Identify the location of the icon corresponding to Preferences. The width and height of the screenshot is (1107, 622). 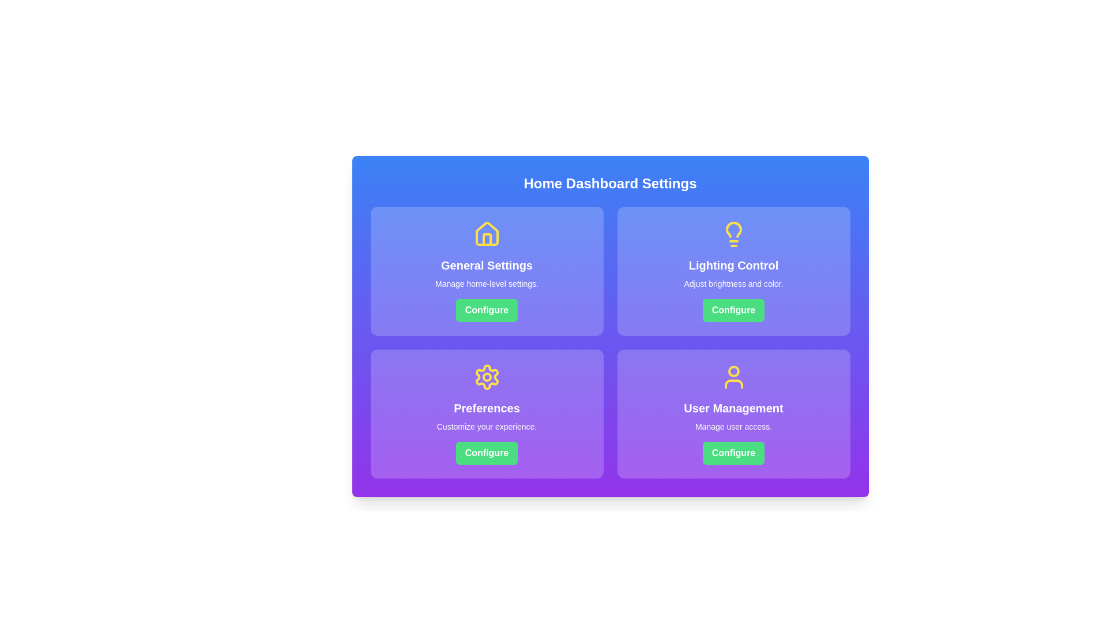
(487, 377).